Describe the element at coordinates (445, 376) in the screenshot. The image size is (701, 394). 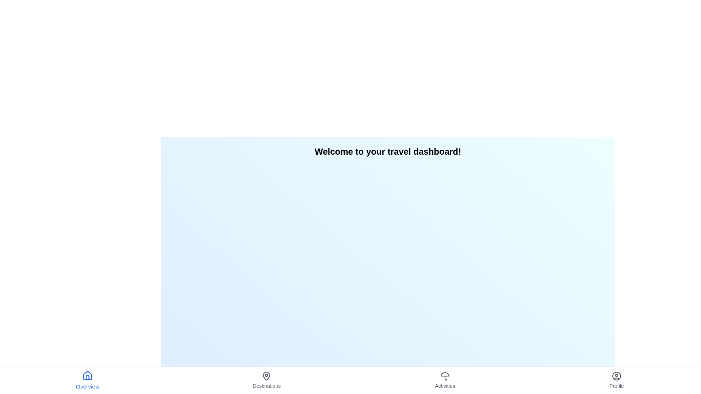
I see `the navigation Icon button located in the bottom navigation bar` at that location.